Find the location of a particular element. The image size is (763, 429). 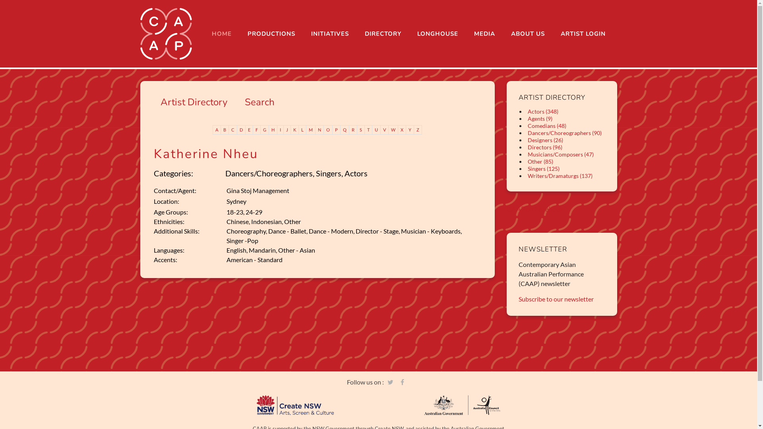

'Search' is located at coordinates (259, 102).